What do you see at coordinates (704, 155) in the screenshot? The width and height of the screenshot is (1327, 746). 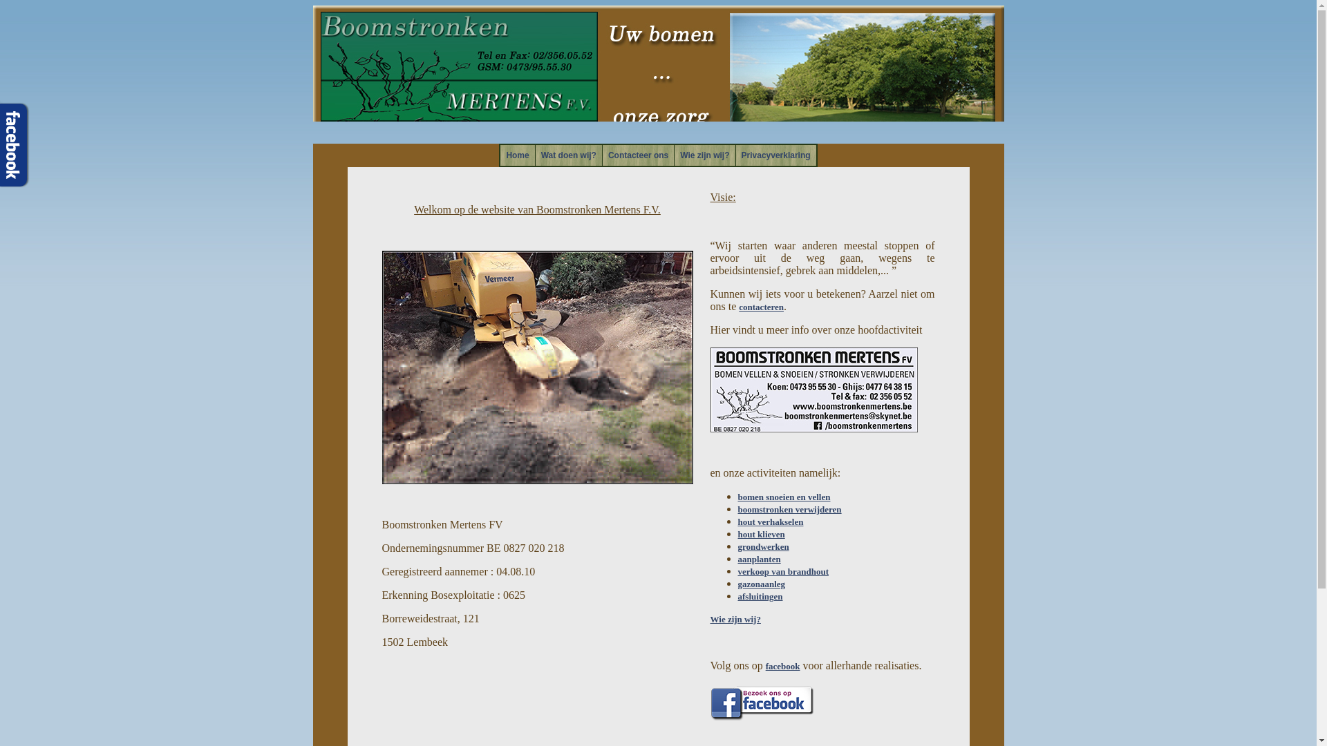 I see `'Wie zijn wij?'` at bounding box center [704, 155].